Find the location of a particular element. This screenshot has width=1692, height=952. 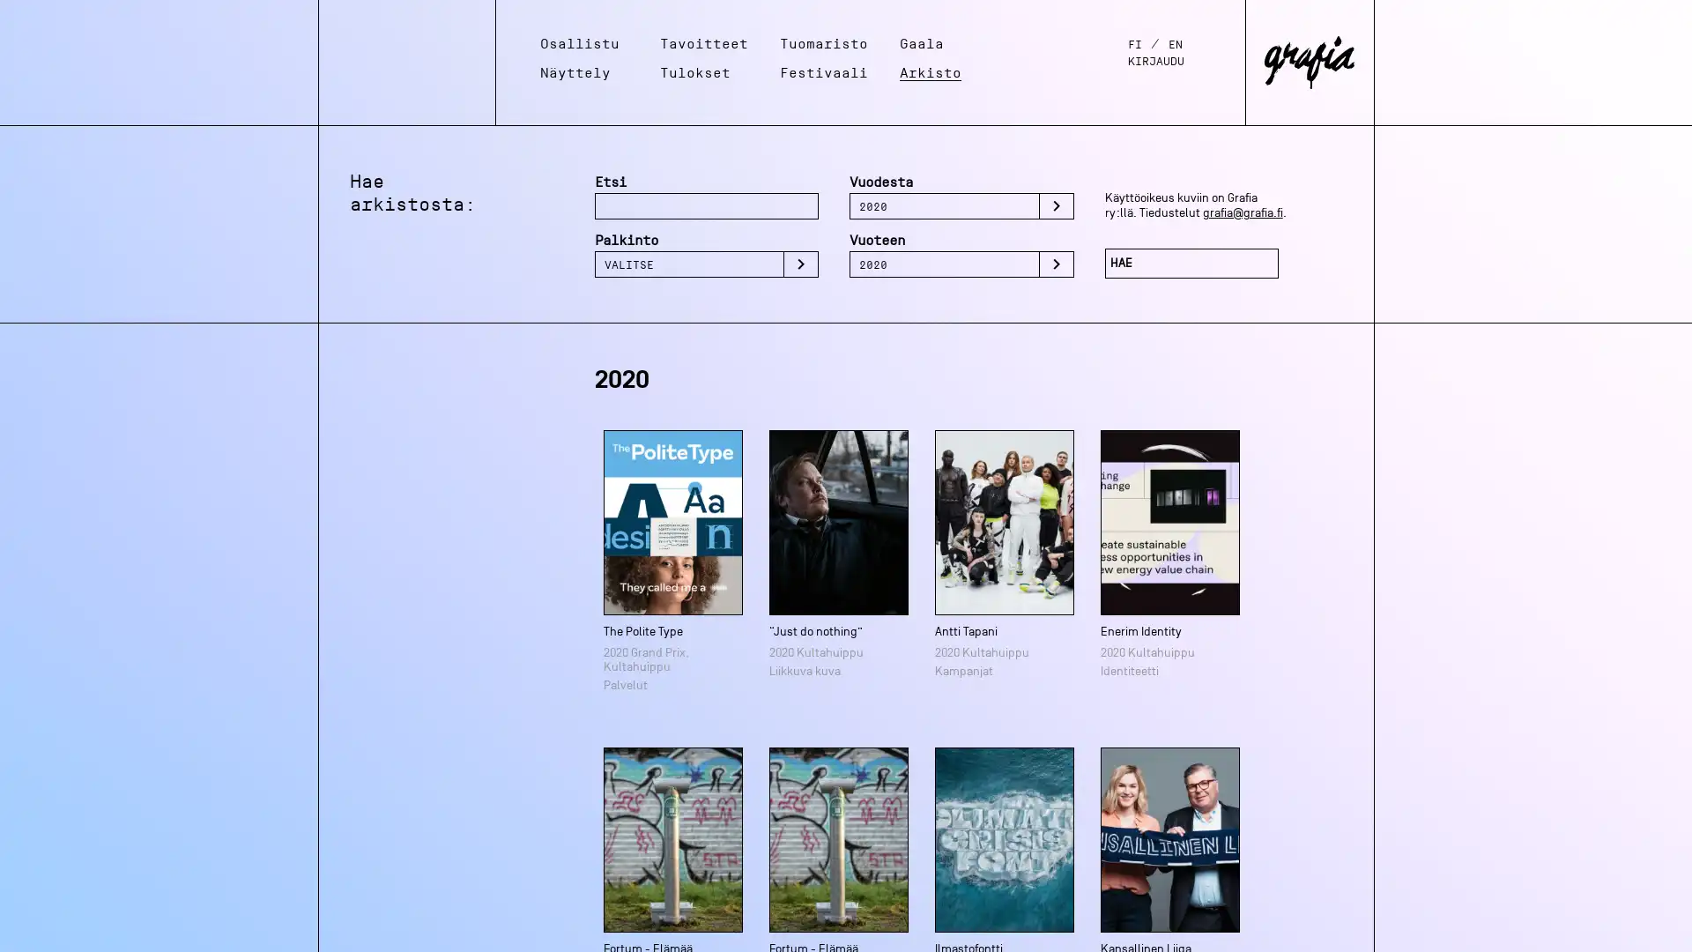

> is located at coordinates (1056, 264).